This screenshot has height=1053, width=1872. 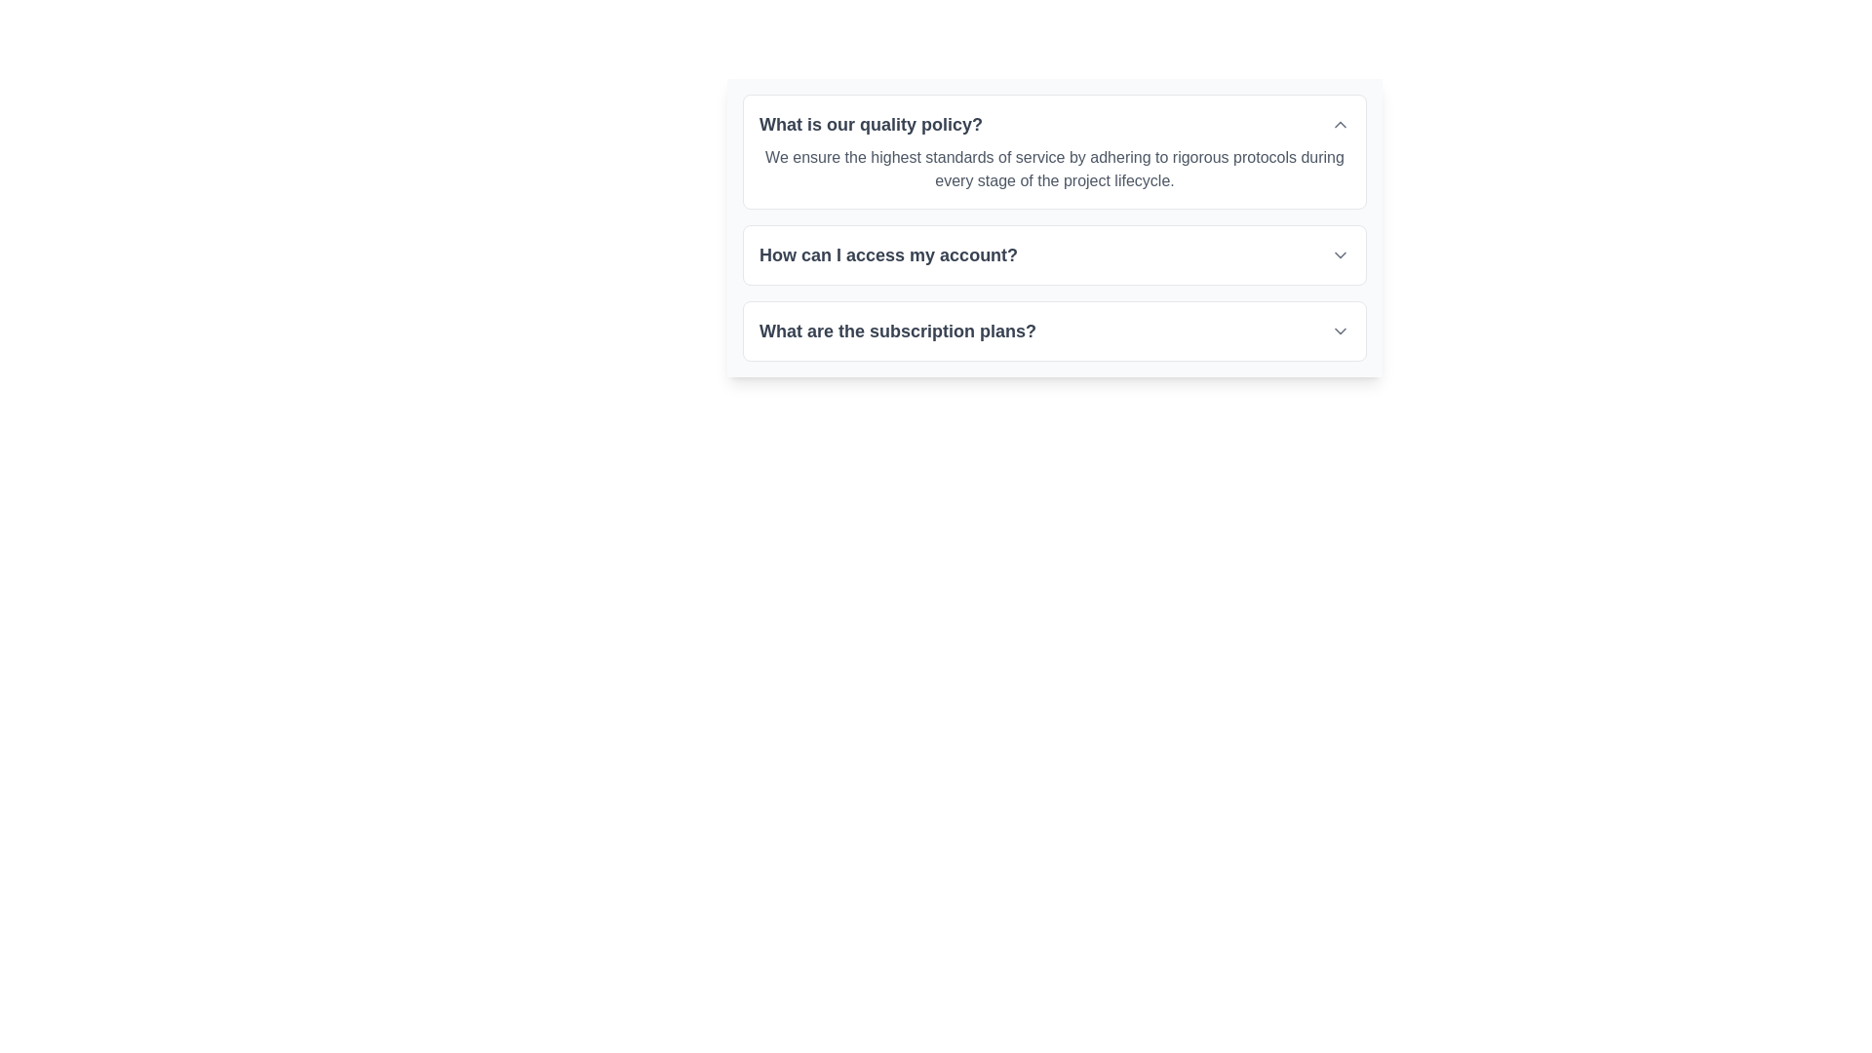 I want to click on the downward-pointing chevron icon located to the right of the list item labeled 'What are the subscription plans?', so click(x=1339, y=330).